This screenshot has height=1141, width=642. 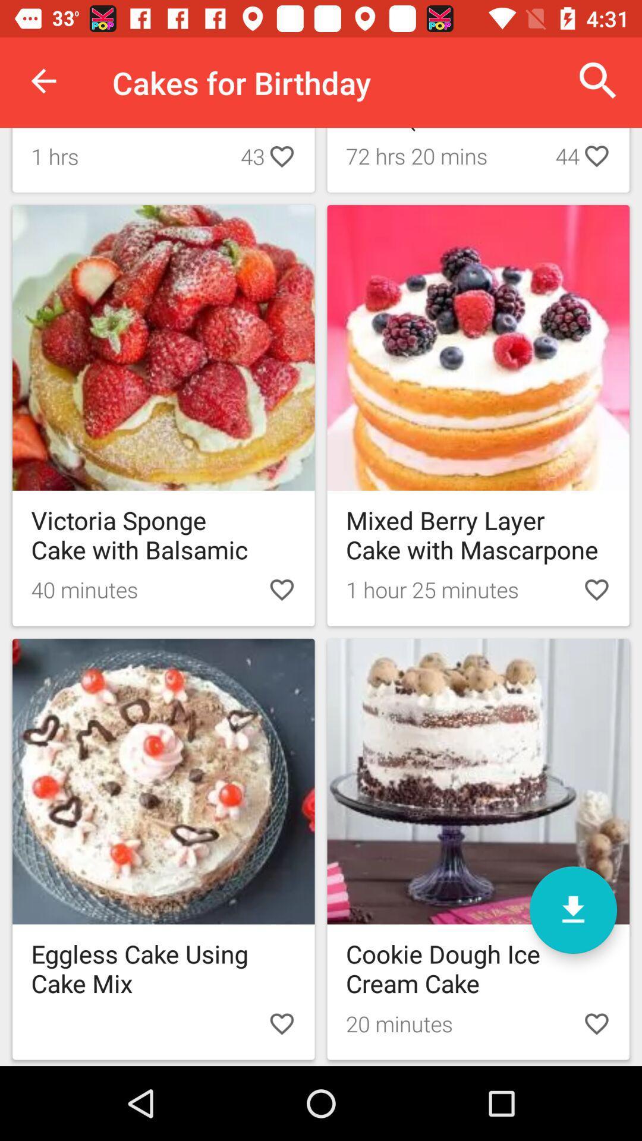 I want to click on download selected recipe, so click(x=572, y=909).